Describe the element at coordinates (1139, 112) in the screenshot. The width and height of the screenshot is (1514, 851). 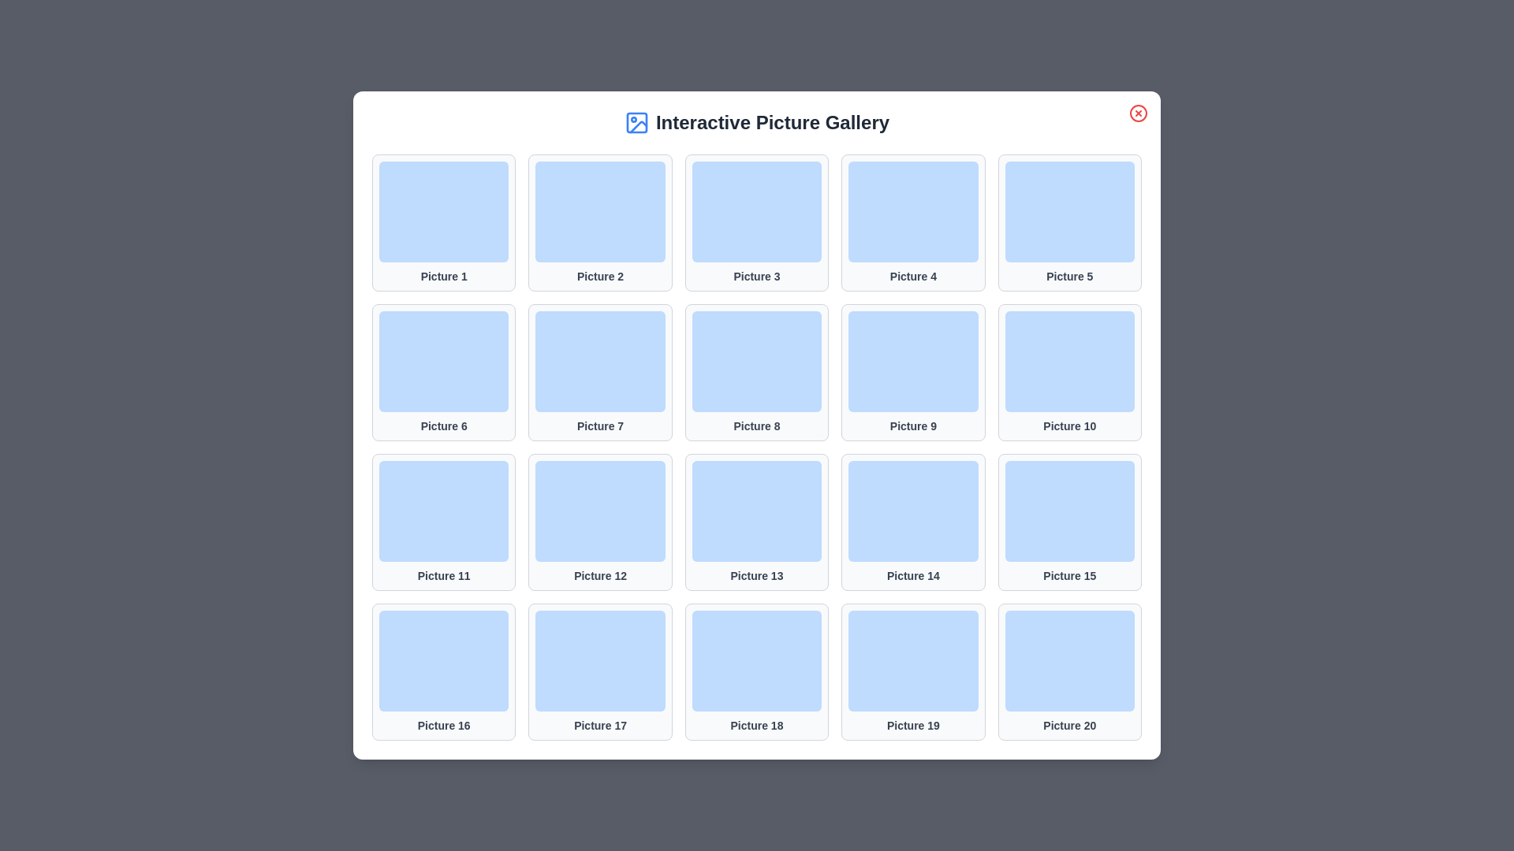
I see `the close button to close the dialog` at that location.